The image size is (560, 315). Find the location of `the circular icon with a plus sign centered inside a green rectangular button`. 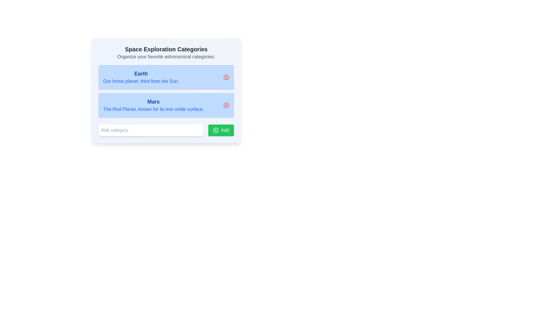

the circular icon with a plus sign centered inside a green rectangular button is located at coordinates (215, 130).